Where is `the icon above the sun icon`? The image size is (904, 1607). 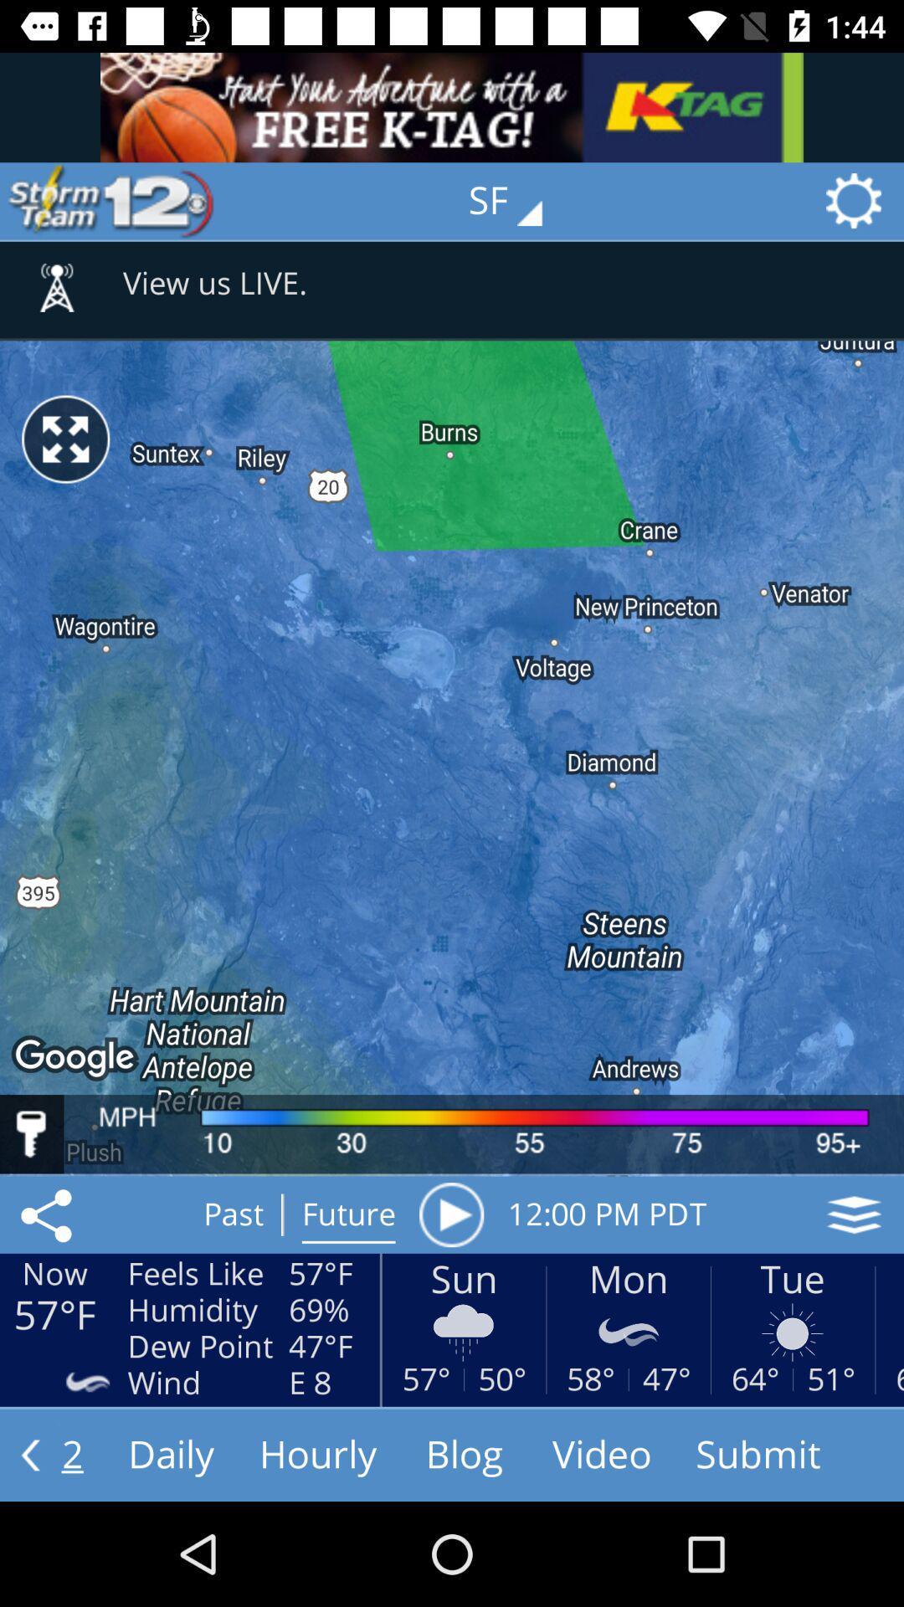 the icon above the sun icon is located at coordinates (450, 1214).